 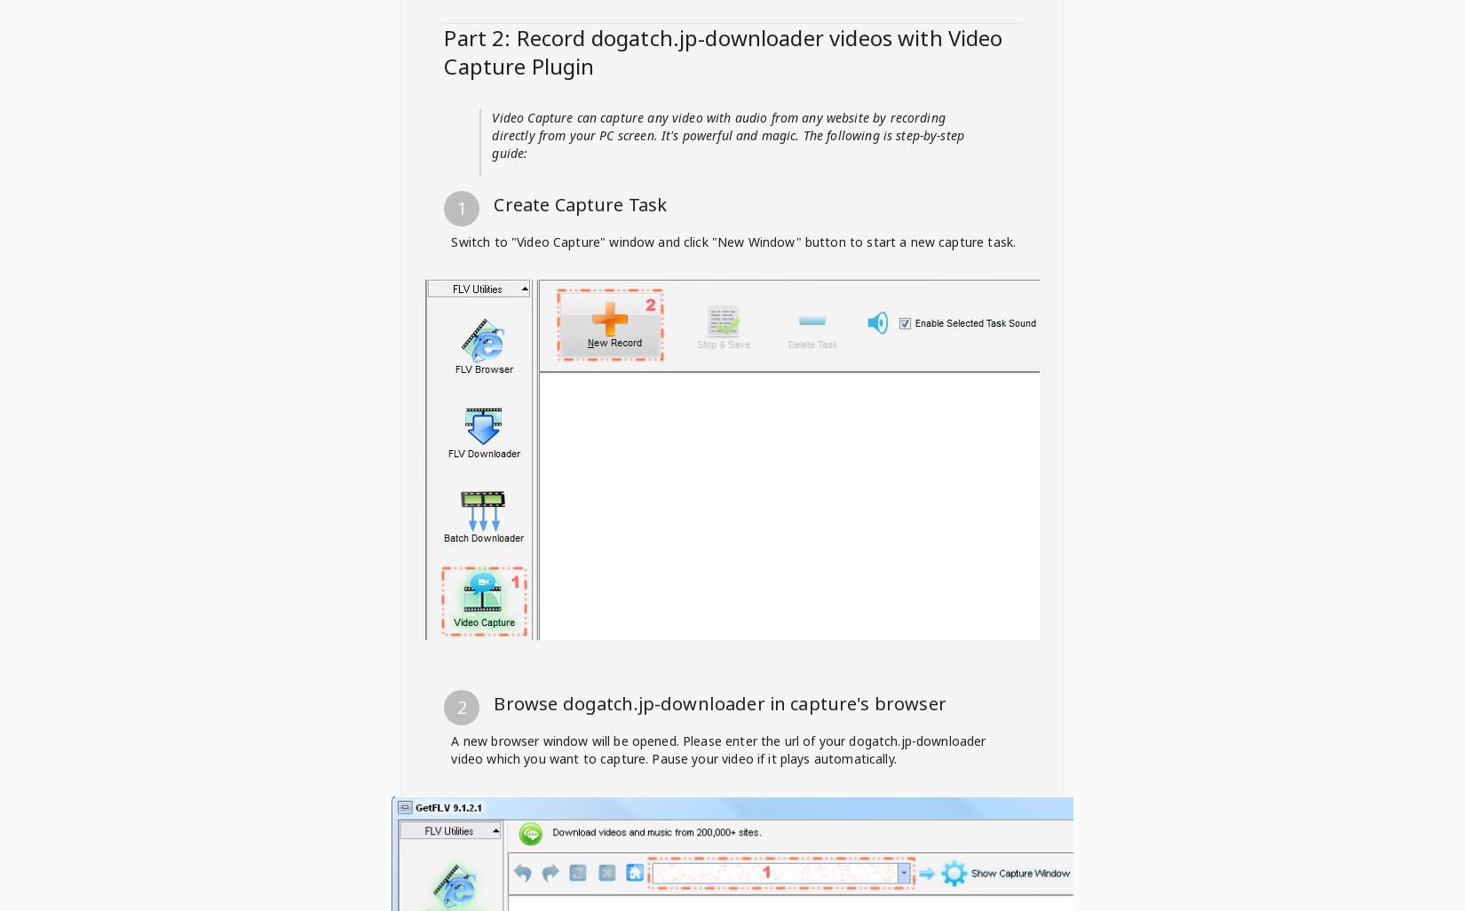 What do you see at coordinates (579, 204) in the screenshot?
I see `'Create Capture Task'` at bounding box center [579, 204].